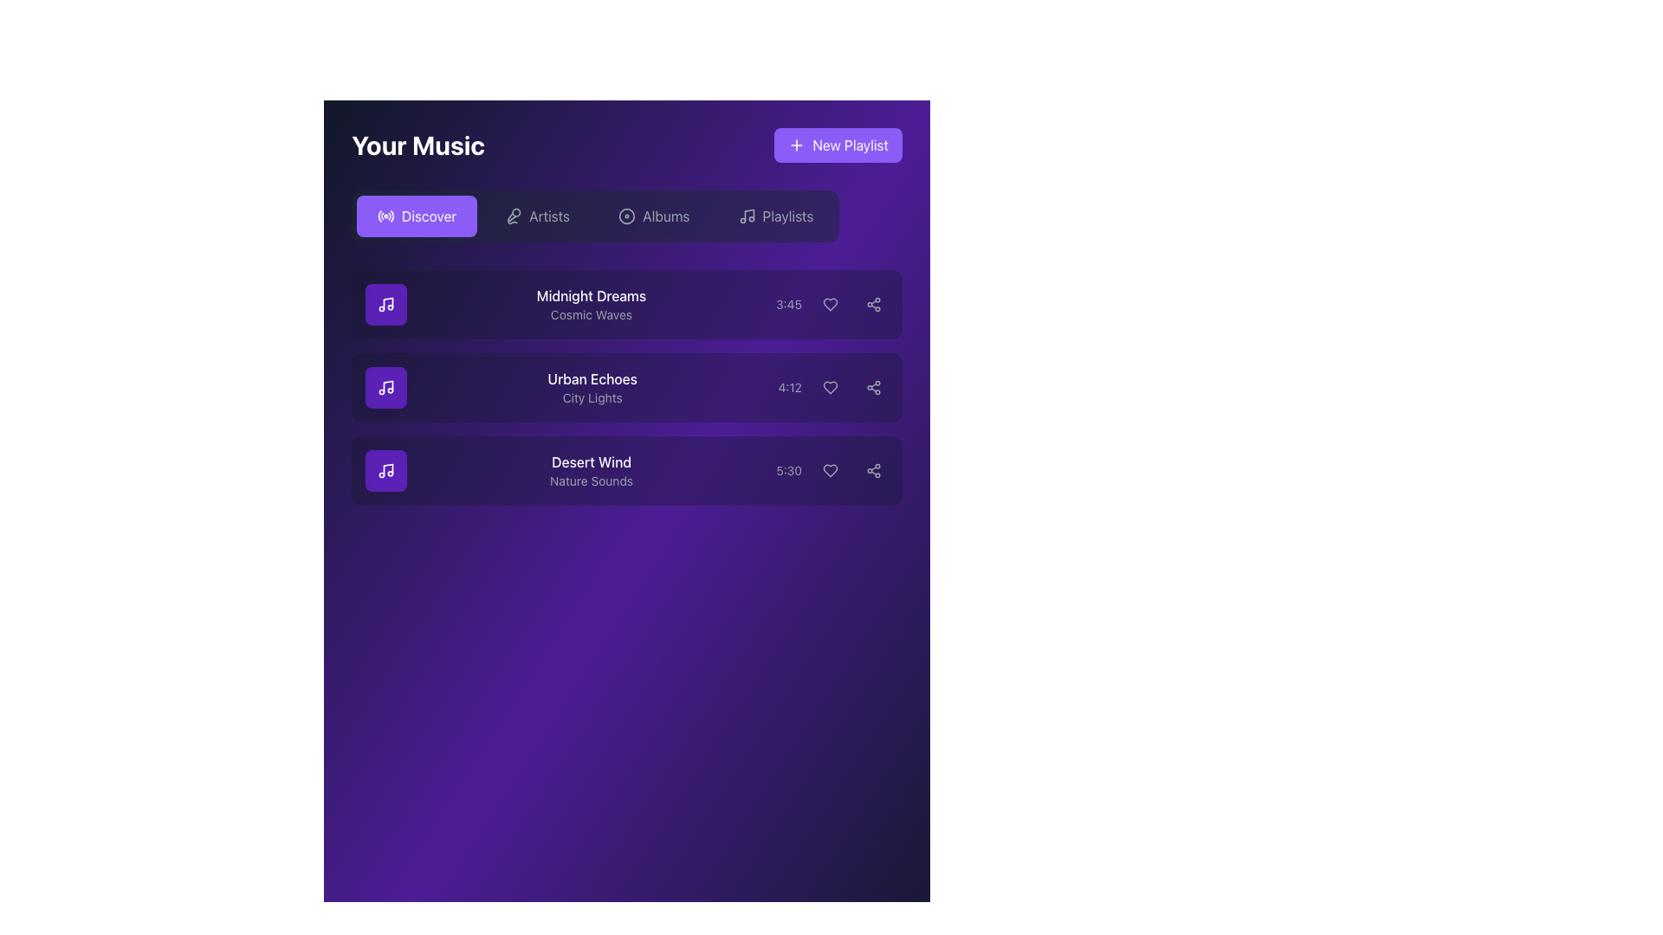 The height and width of the screenshot is (935, 1663). I want to click on the circular icon resembling radio waves, which has a white outline on a purple background, located within the 'Discover' button, so click(385, 216).